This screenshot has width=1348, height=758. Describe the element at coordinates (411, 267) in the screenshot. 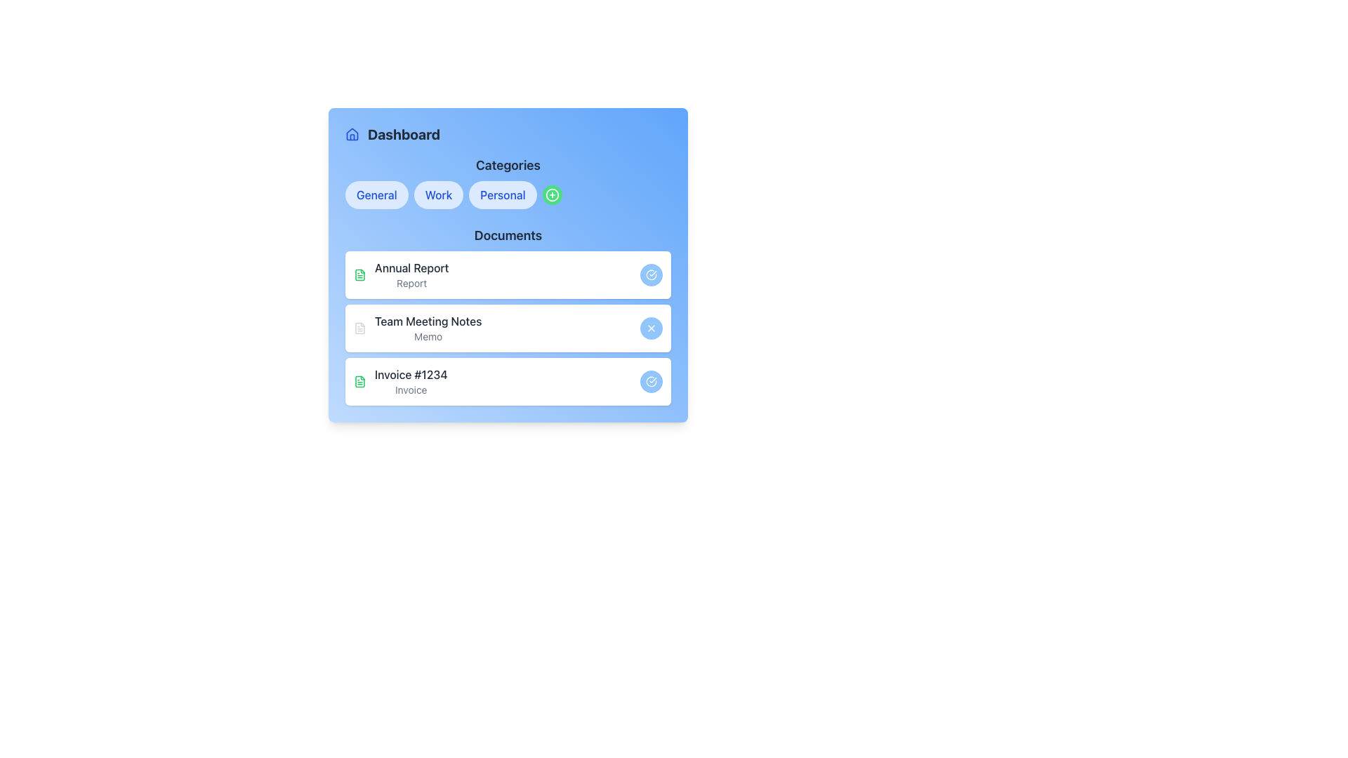

I see `text element identified as 'Annual Report', which is the title of the document located in the first document card under the 'Documents' header` at that location.